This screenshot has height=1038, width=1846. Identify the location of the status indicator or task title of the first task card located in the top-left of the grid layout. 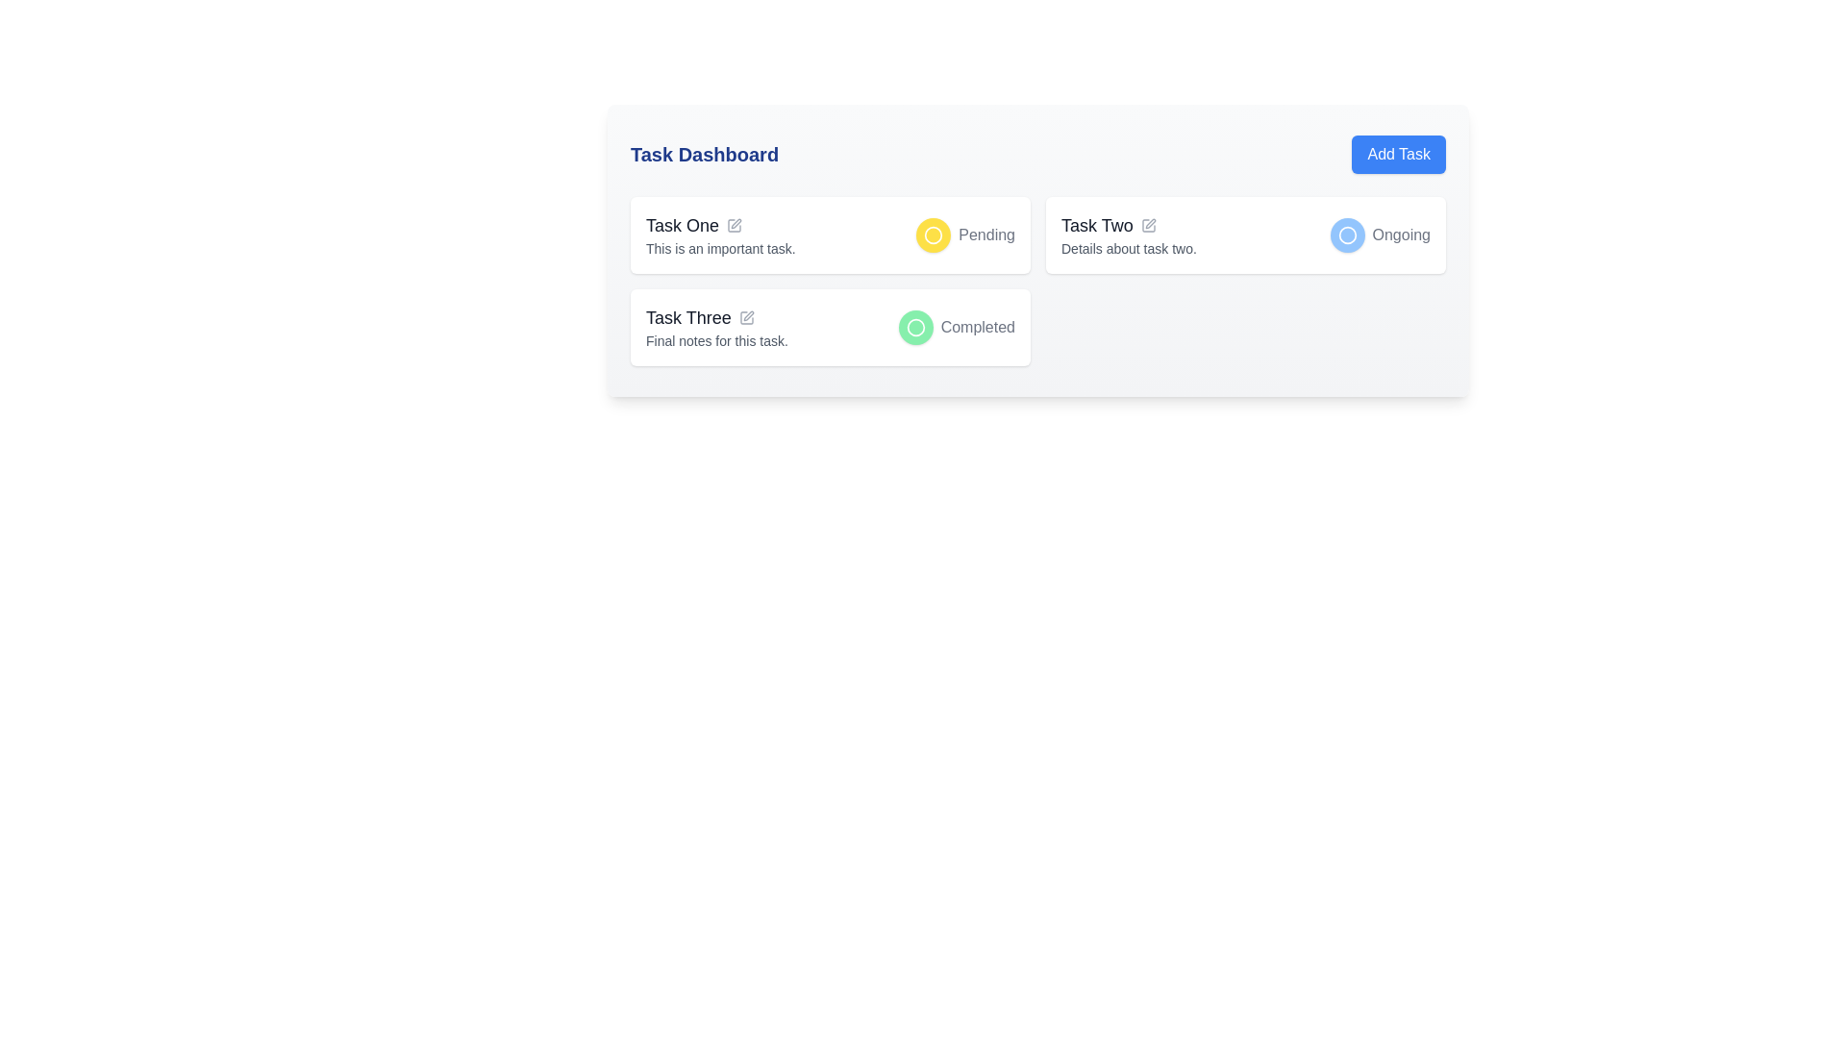
(831, 235).